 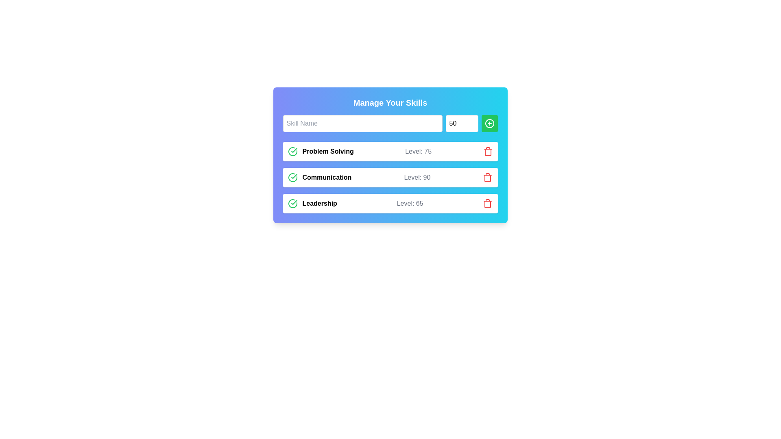 I want to click on the List Item element labeled 'Communication' with level '90' to interact with it, so click(x=390, y=177).